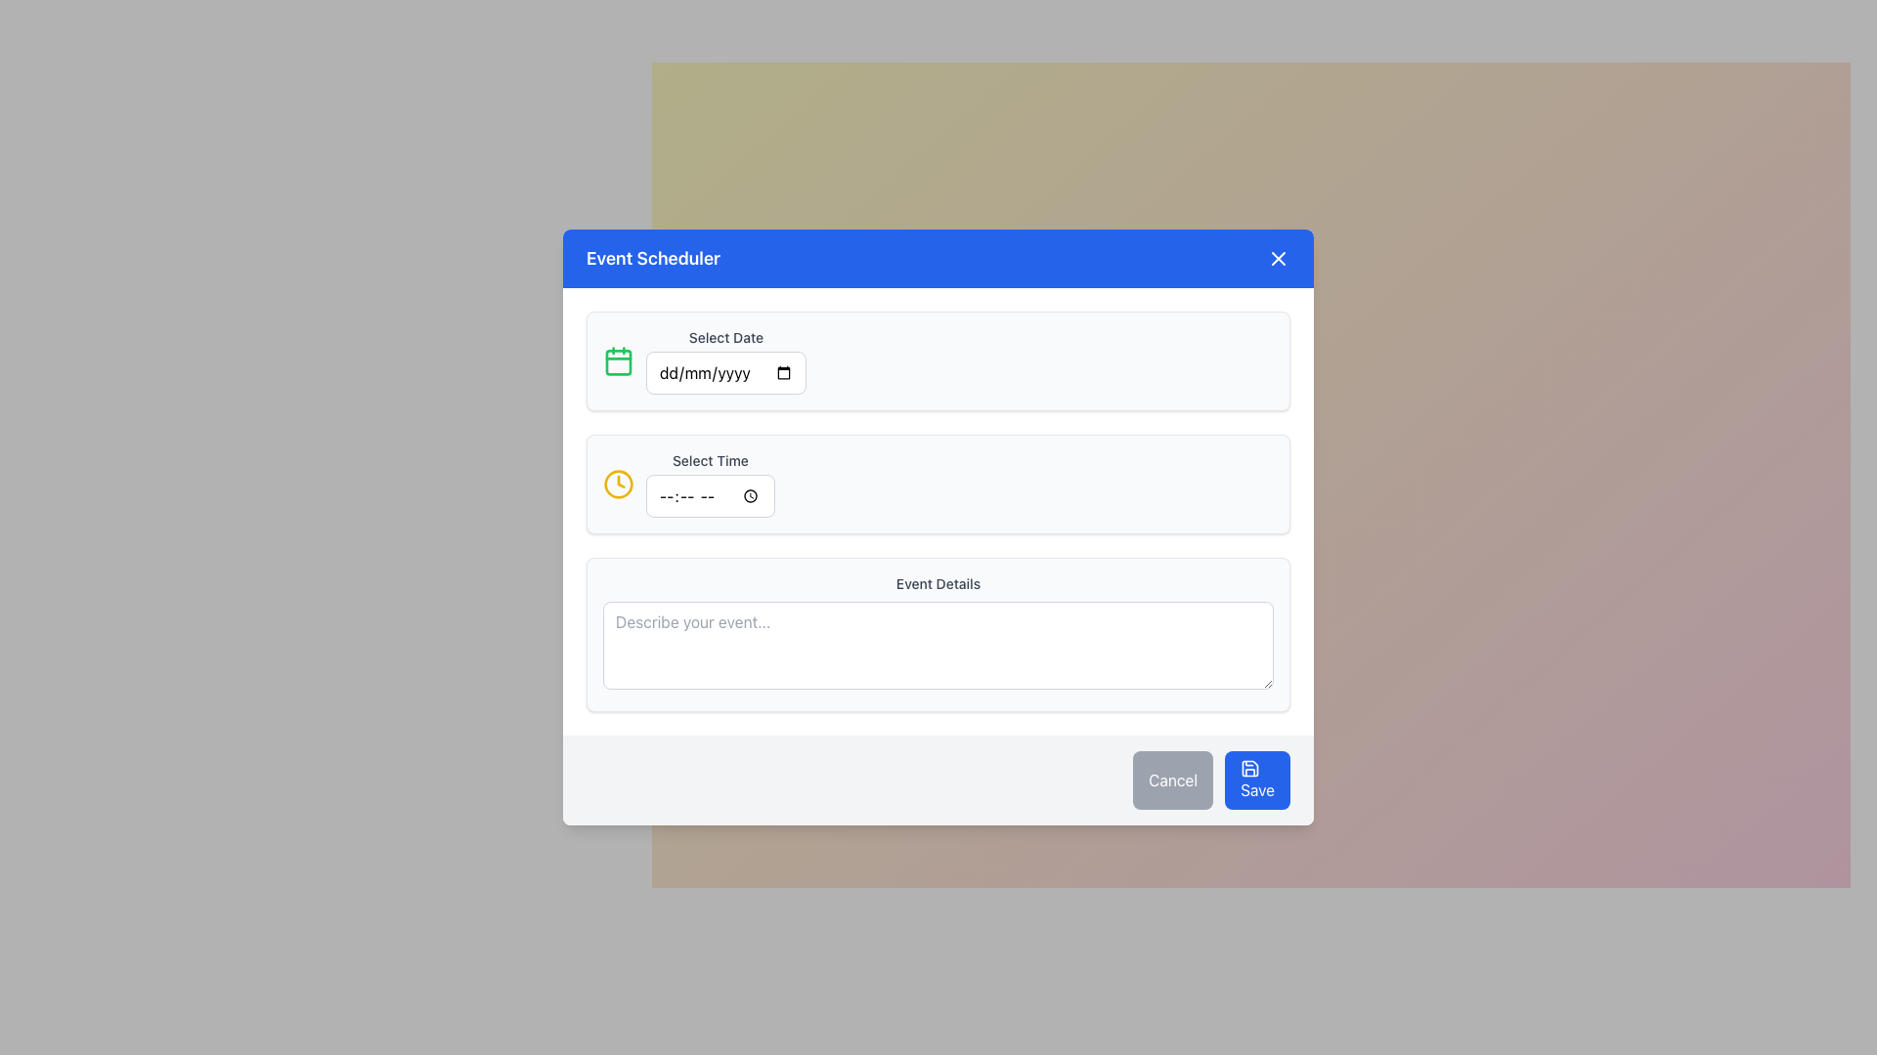  Describe the element at coordinates (618, 361) in the screenshot. I see `properties of the inner rectangle of the calendar icon located to the left of the 'Select Date' field in the 'Event Scheduler' modal popup` at that location.